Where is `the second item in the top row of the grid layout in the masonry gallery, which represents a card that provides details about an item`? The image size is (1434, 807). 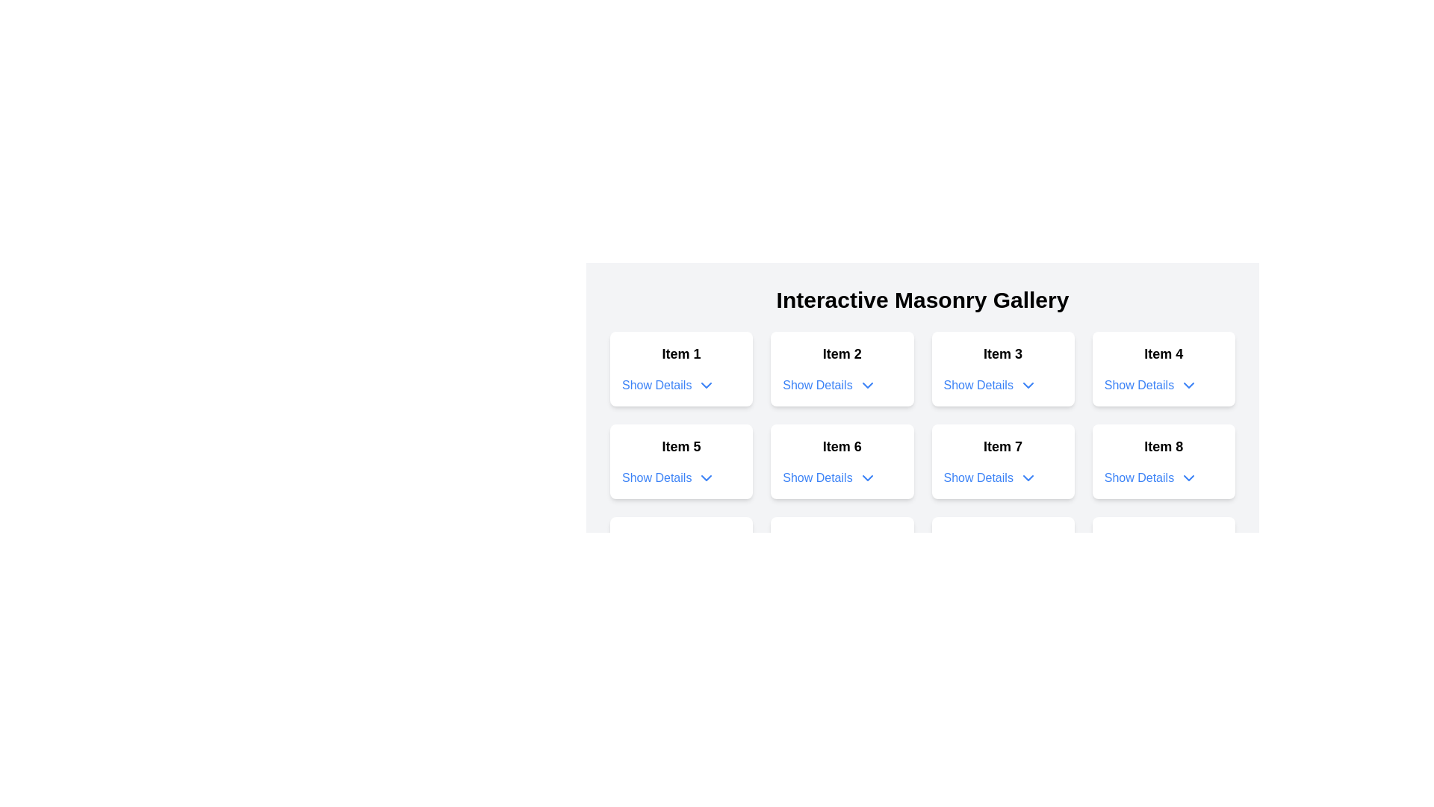
the second item in the top row of the grid layout in the masonry gallery, which represents a card that provides details about an item is located at coordinates (842, 368).